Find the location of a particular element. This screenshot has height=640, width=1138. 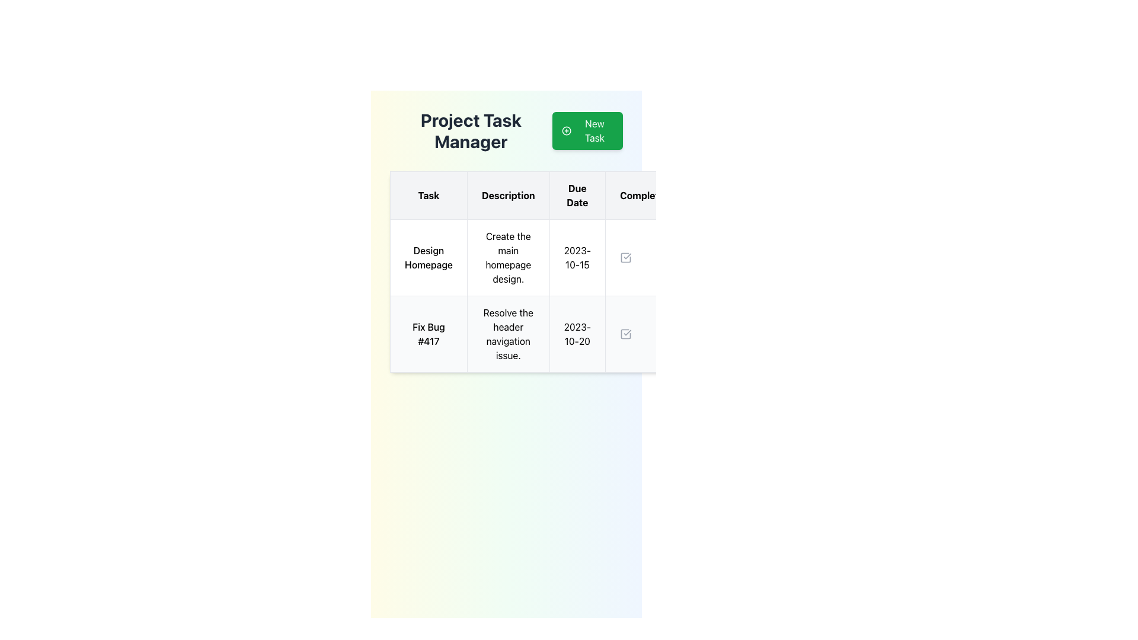

the checkbox icon resembling a square with a tick mark inside, located in the 'Complete' column of the second row of the 'Project Task Manager' interface to mark the task as complete is located at coordinates (625, 334).